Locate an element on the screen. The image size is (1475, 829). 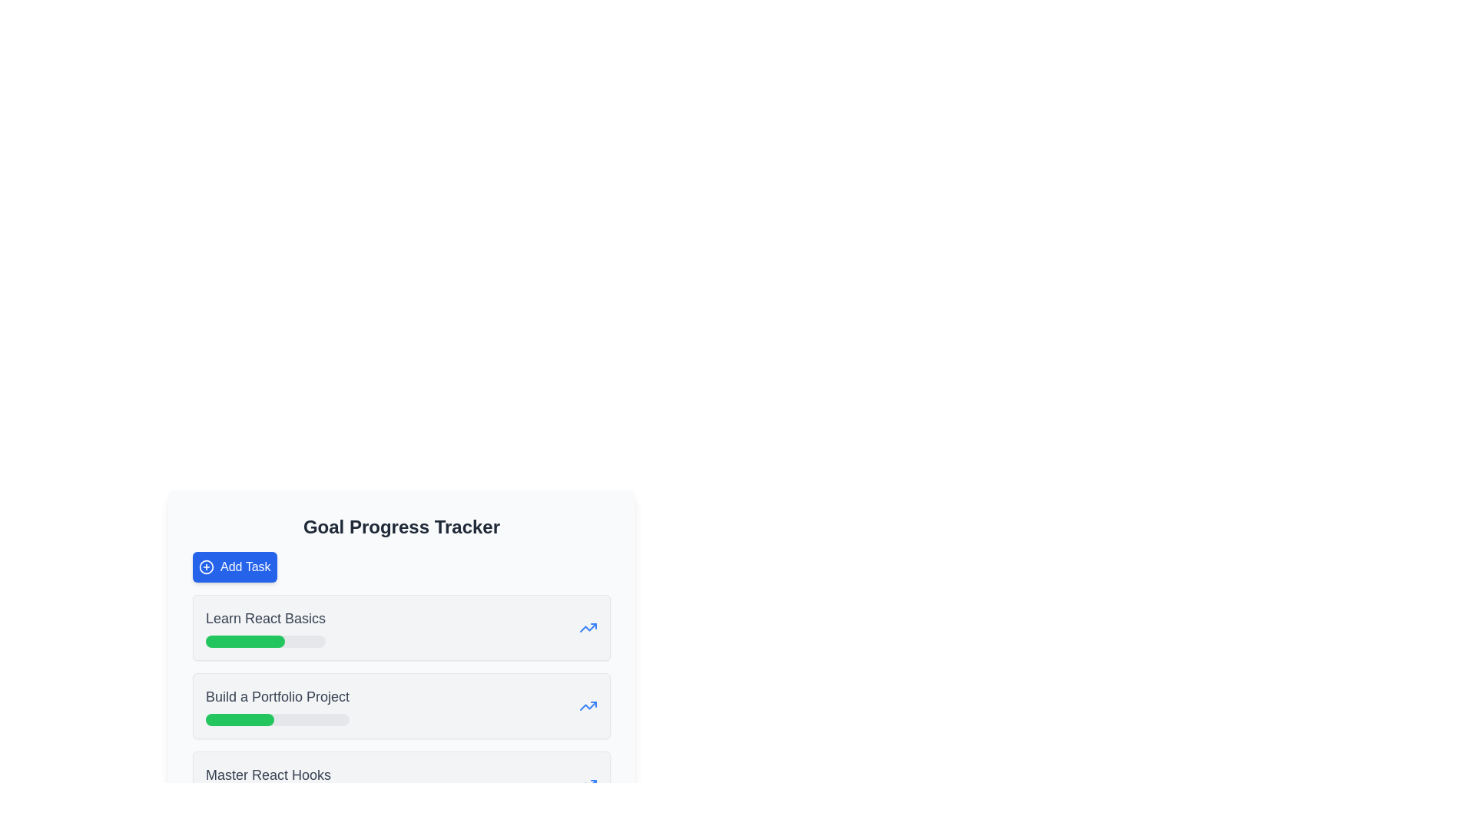
the text label displaying 'Master React Hooks' which is located in the 'Goal Progress Tracker' section, below 'Learn React Basics' and 'Build a Portfolio Project' is located at coordinates (268, 784).